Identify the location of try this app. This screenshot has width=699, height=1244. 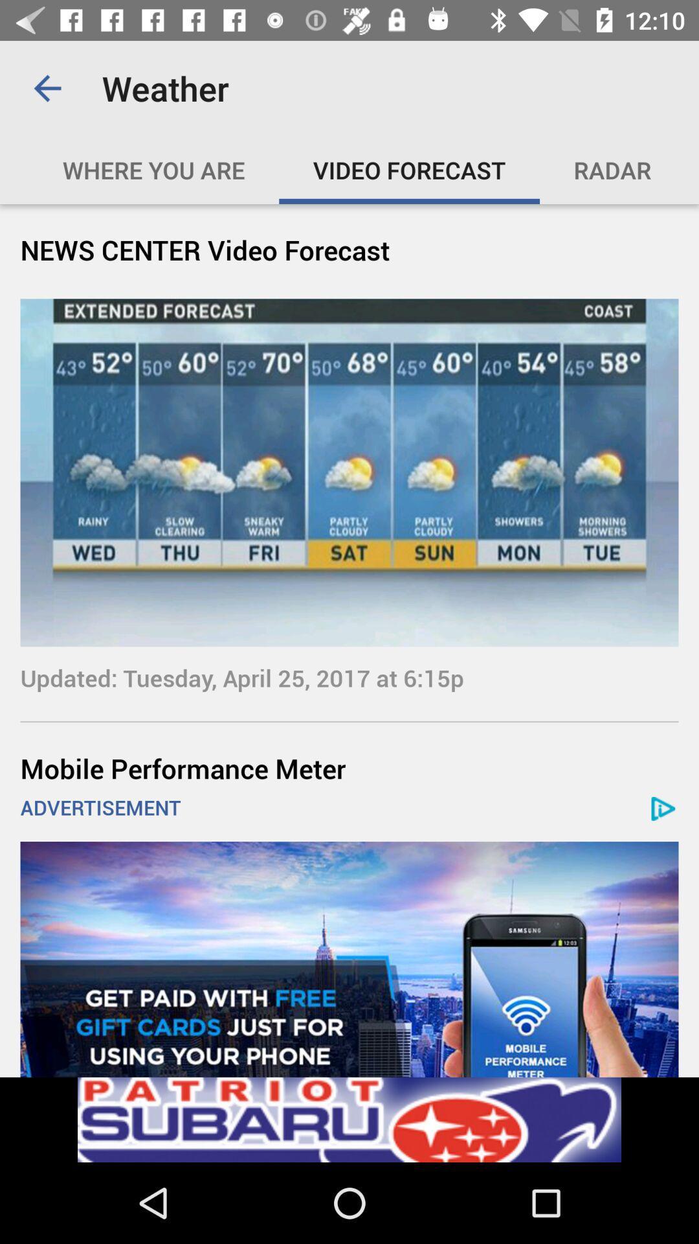
(349, 1119).